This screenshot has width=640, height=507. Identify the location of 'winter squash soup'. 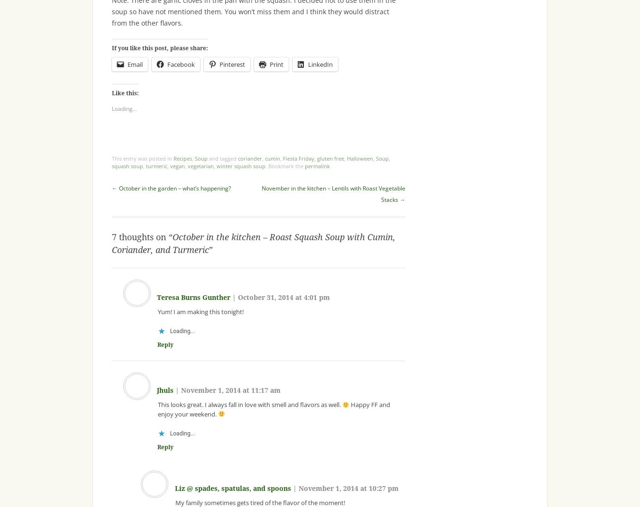
(240, 166).